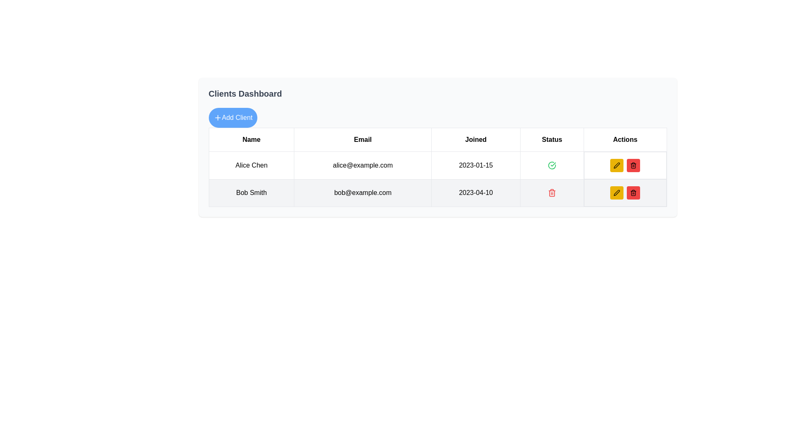  Describe the element at coordinates (617, 165) in the screenshot. I see `the edit button represented by a pen icon in the Actions column of the second row corresponding to user 'Bob Smith'` at that location.